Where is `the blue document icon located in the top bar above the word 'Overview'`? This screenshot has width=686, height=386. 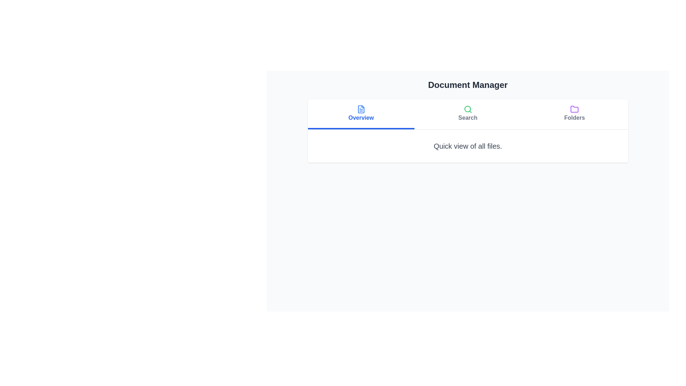
the blue document icon located in the top bar above the word 'Overview' is located at coordinates (361, 109).